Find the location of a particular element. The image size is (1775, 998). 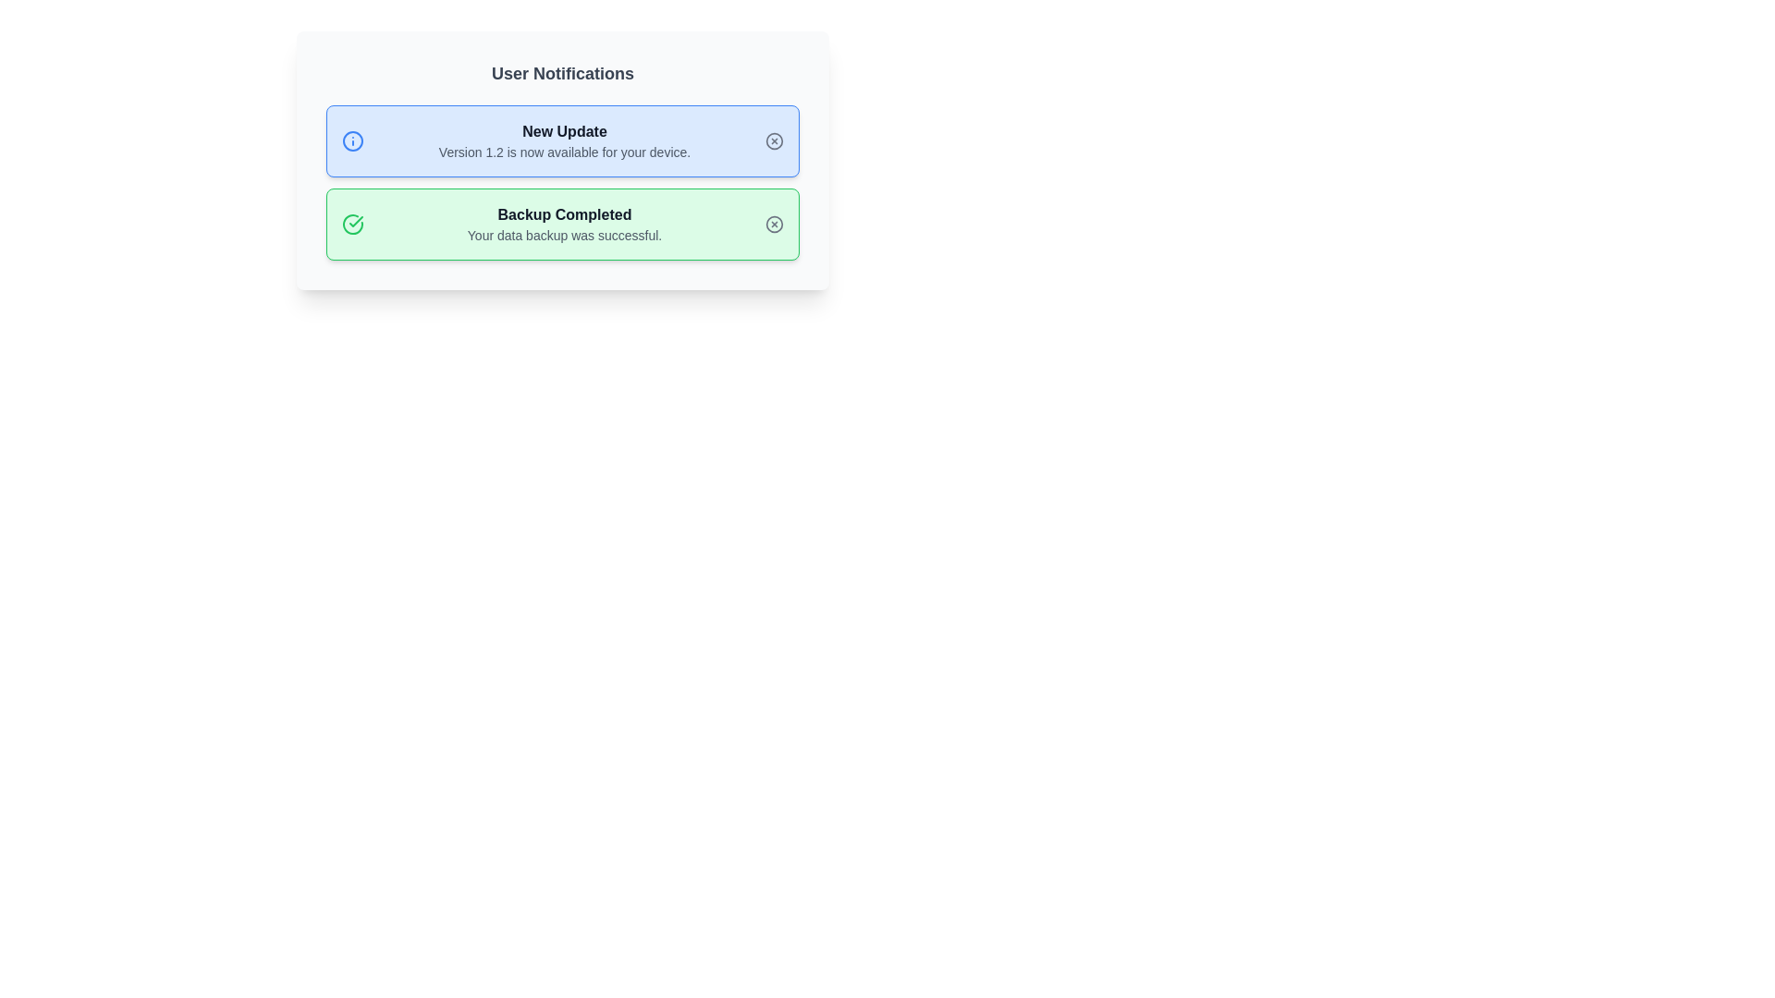

the notification message text block located in the blue notification card, which informs the user about the availability of a new update is located at coordinates (563, 140).